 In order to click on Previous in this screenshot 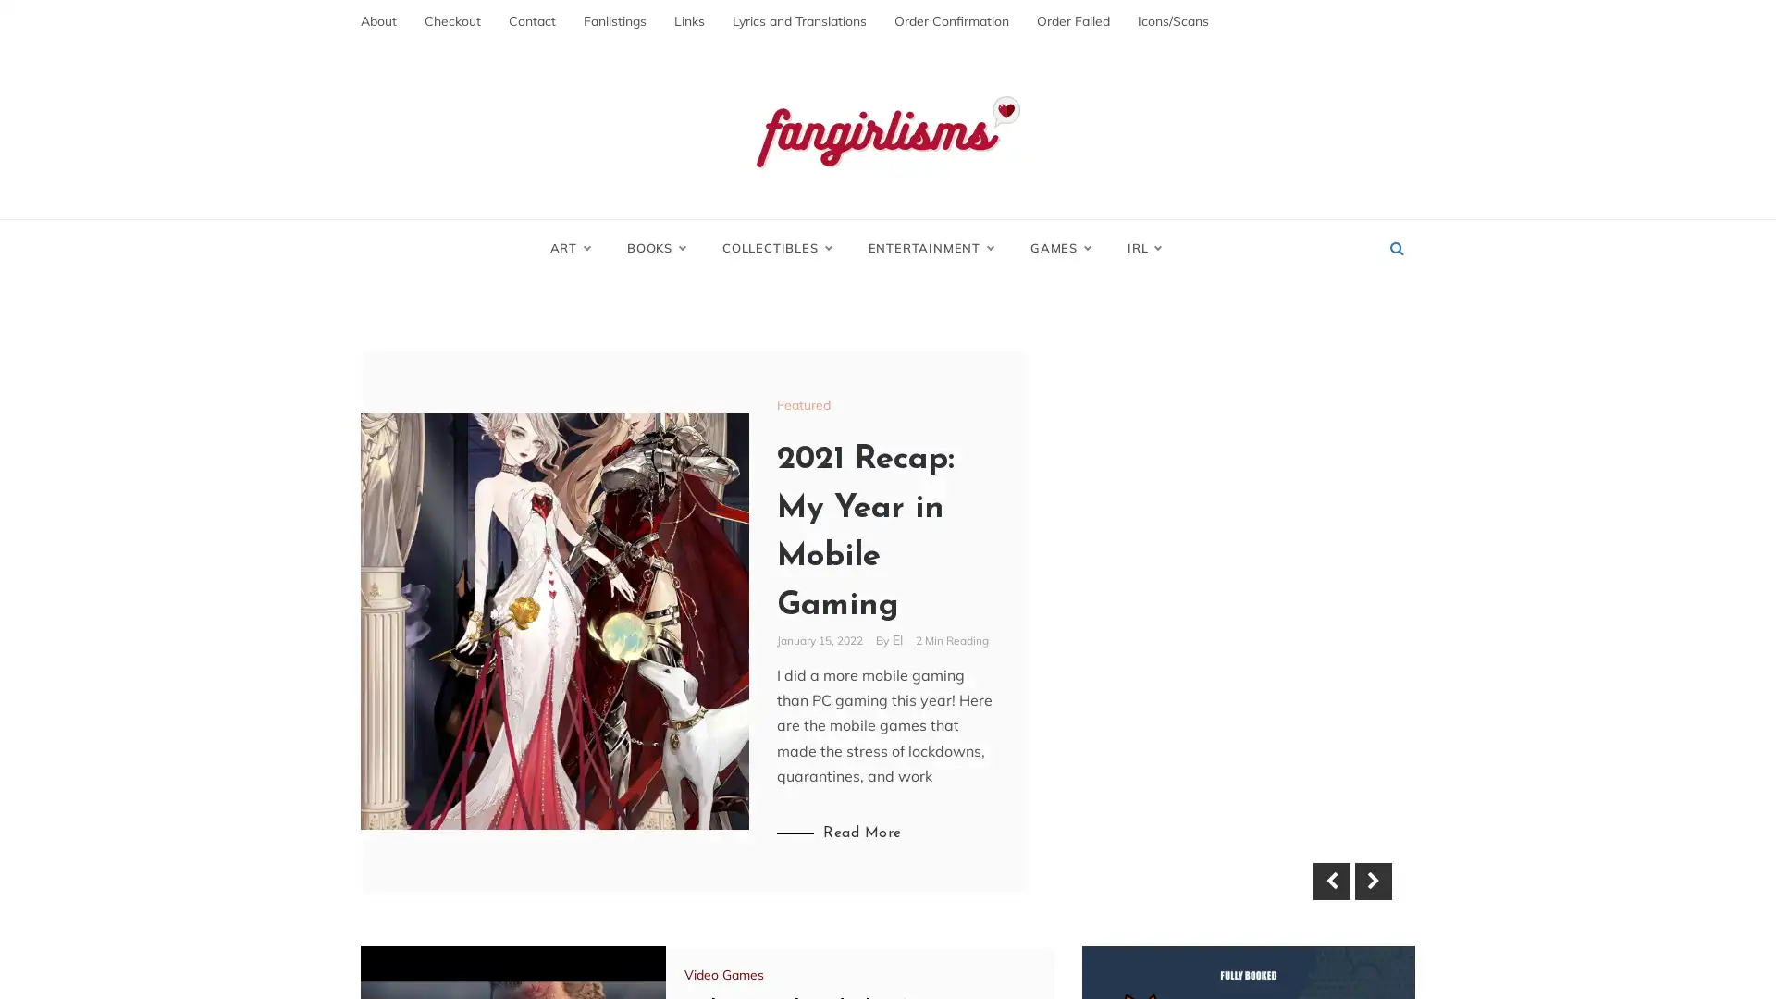, I will do `click(1332, 734)`.